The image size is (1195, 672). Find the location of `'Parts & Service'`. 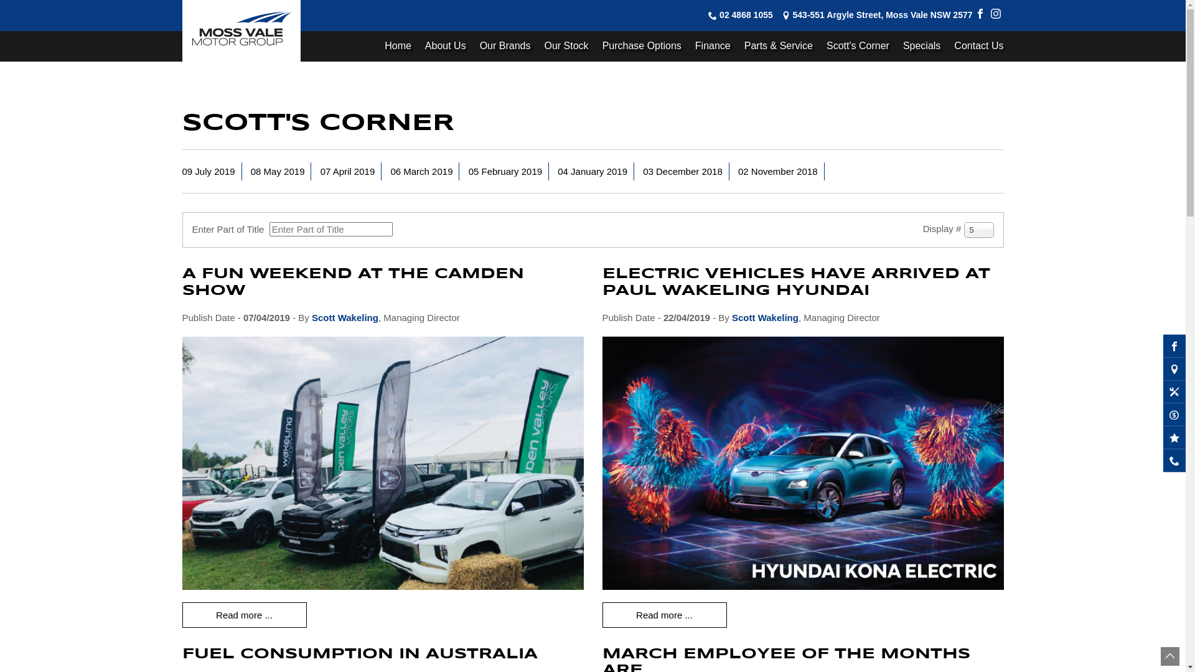

'Parts & Service' is located at coordinates (778, 45).